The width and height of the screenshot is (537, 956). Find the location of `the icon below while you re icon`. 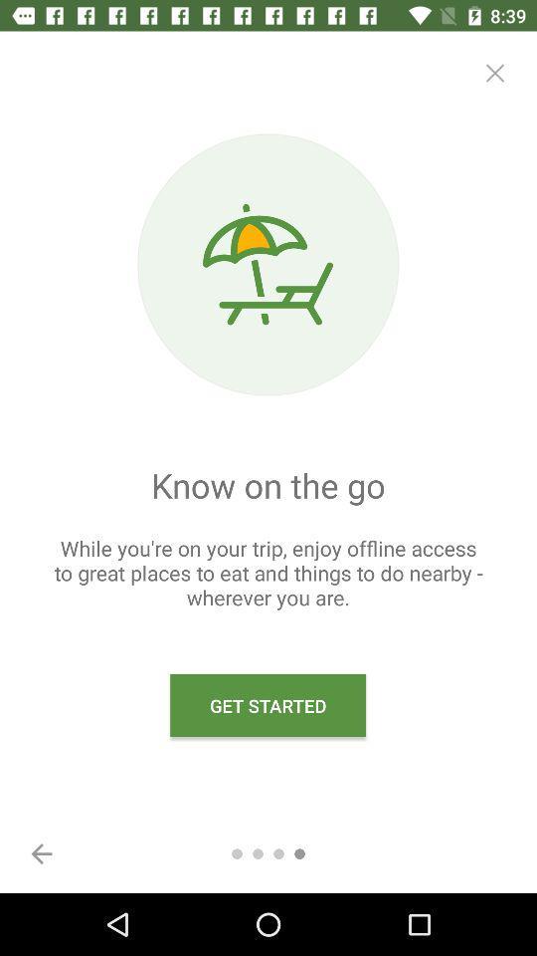

the icon below while you re icon is located at coordinates (42, 852).